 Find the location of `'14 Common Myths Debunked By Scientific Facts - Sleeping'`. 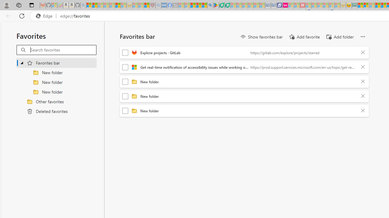

'14 Common Myths Debunked By Scientific Facts - Sleeping' is located at coordinates (314, 5).